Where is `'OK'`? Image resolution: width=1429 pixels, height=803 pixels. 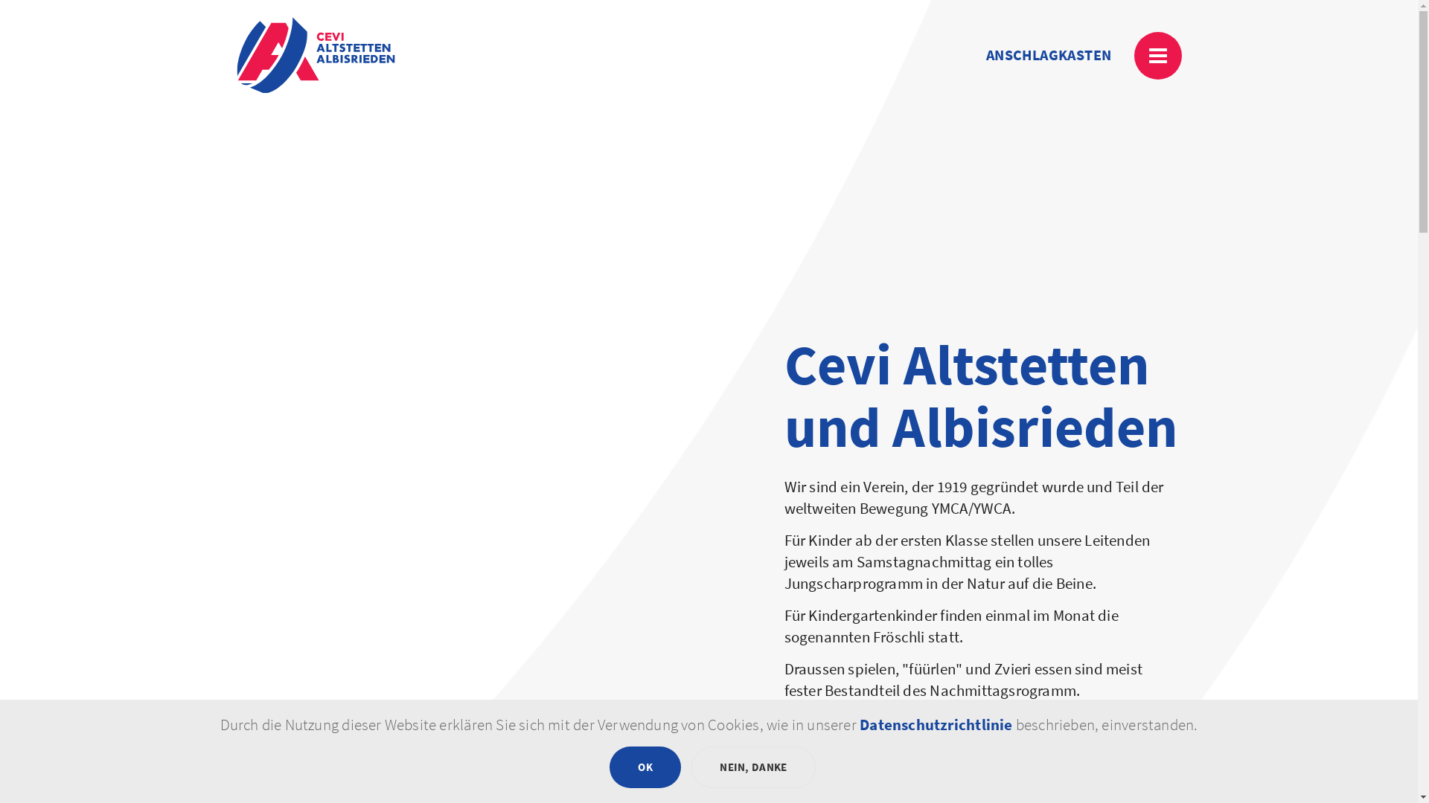
'OK' is located at coordinates (645, 767).